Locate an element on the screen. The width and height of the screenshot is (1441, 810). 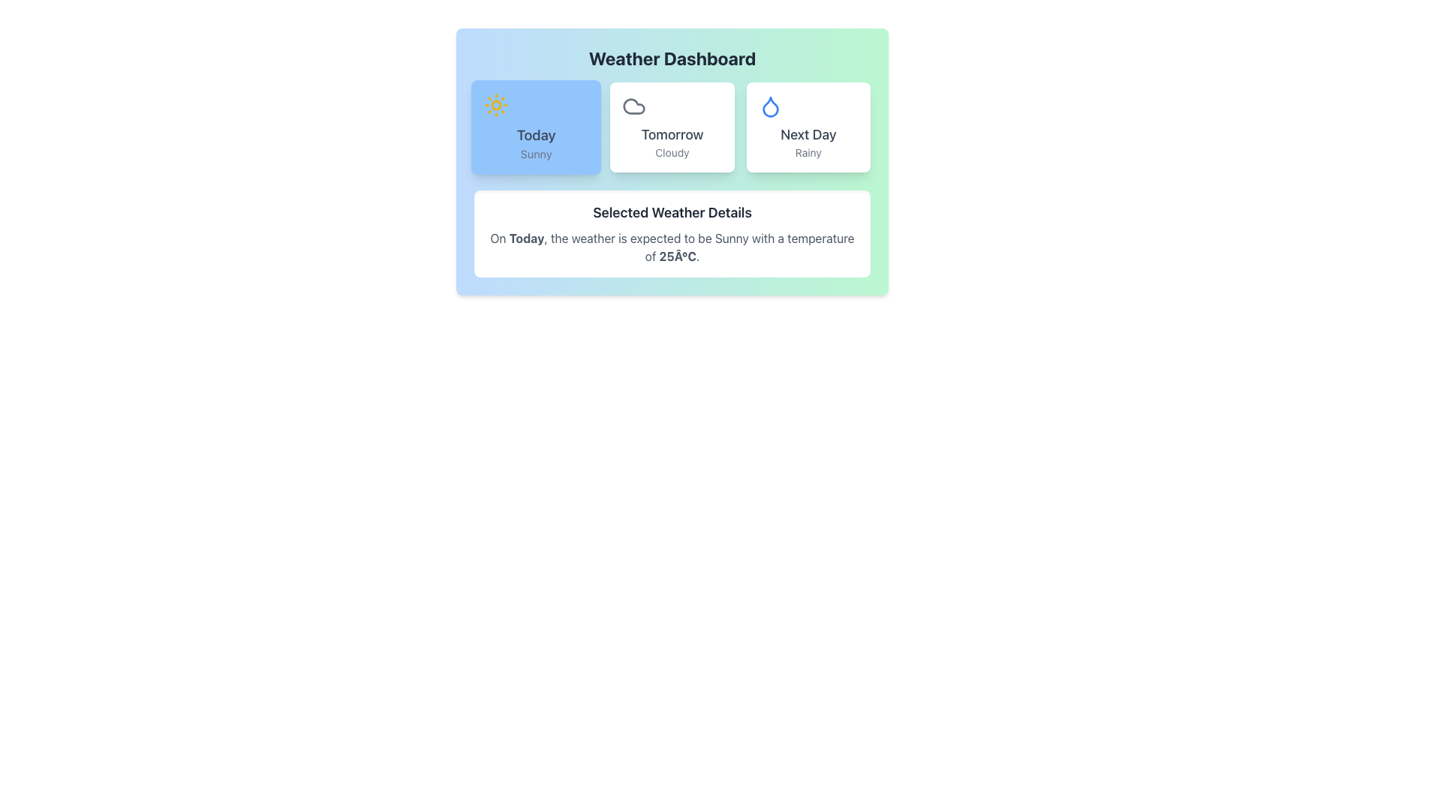
the text block displaying the weather conditions (Sunny, 25°C) located beneath the title 'Selected Weather Details' is located at coordinates (672, 247).